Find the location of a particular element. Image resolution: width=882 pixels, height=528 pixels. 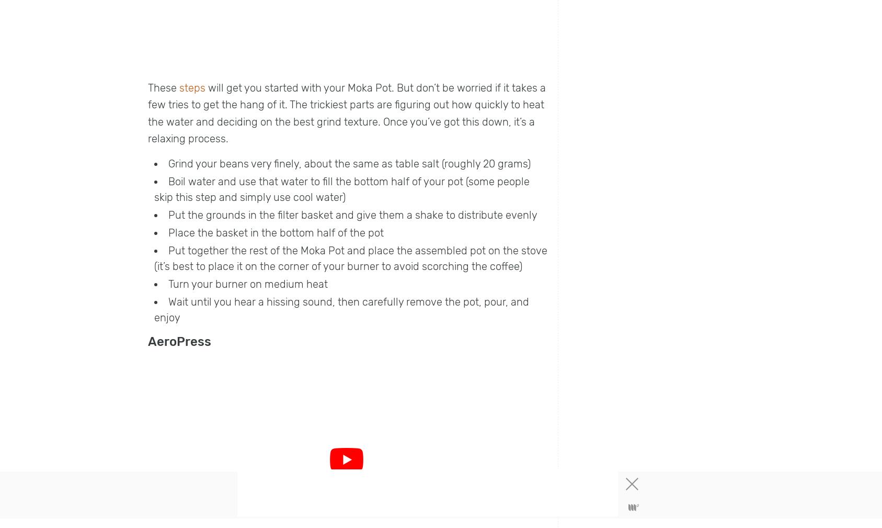

'AeroPress' is located at coordinates (179, 341).